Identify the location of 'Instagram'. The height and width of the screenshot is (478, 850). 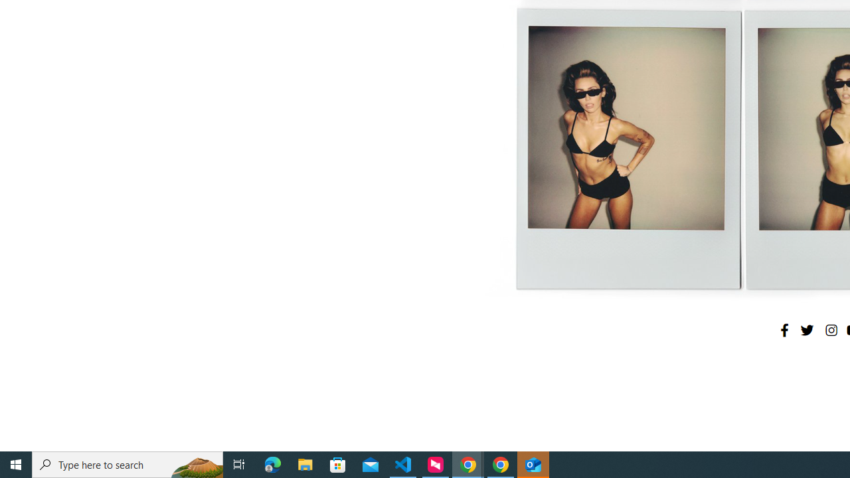
(830, 329).